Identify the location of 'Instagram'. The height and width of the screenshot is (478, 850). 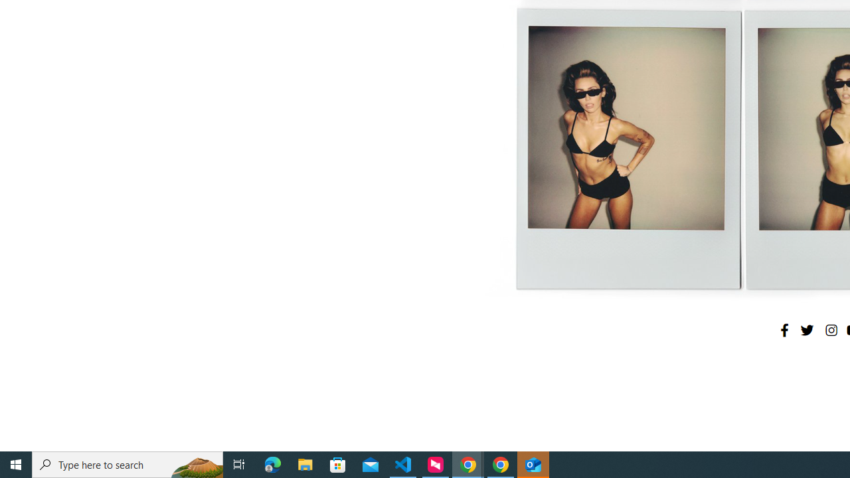
(830, 329).